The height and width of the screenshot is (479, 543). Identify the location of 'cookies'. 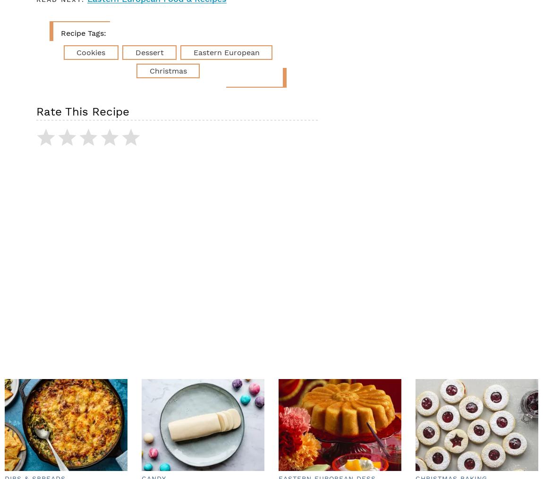
(76, 52).